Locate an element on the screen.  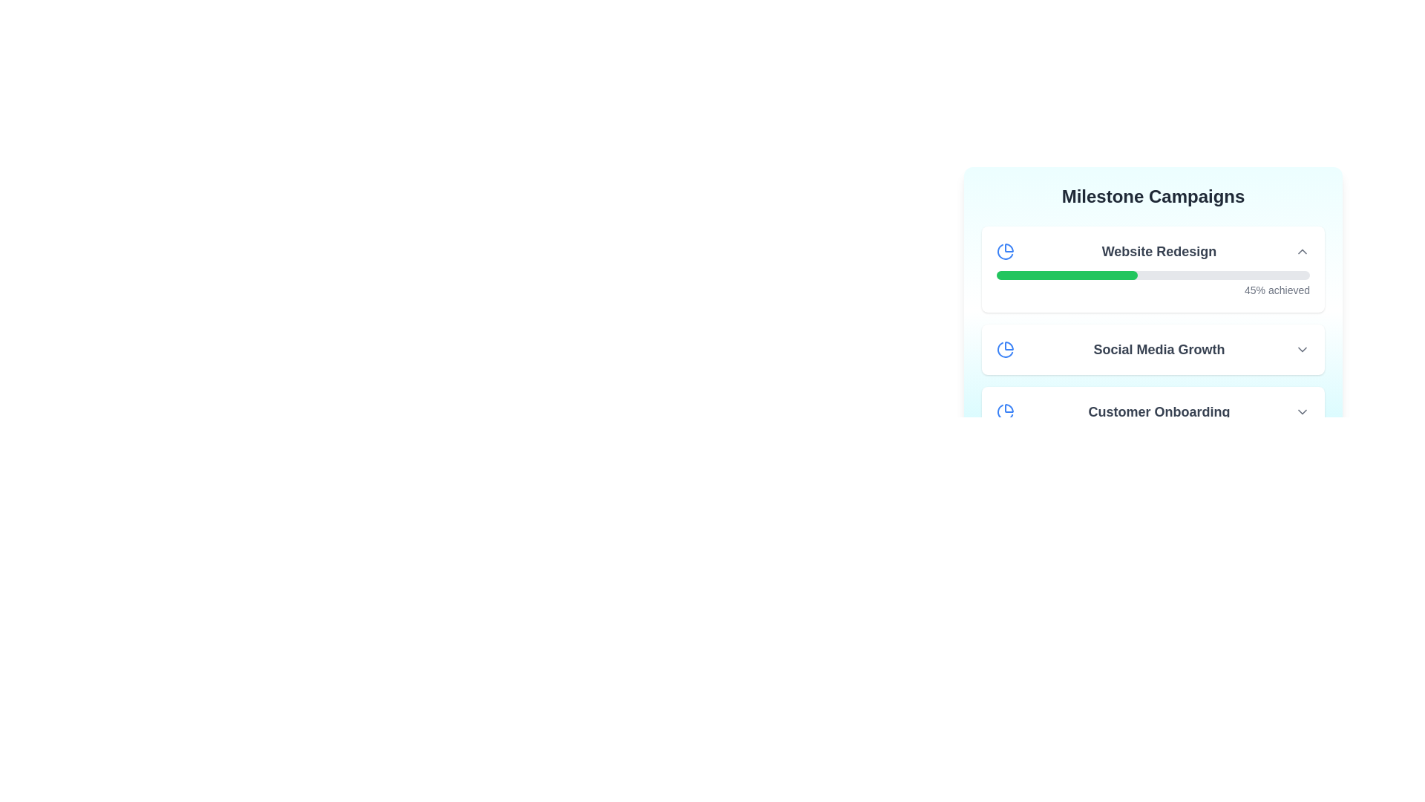
the blue curved line segment of the pie chart SVG icon located to the left of the 'Customer Onboarding' text label is located at coordinates (1009, 408).